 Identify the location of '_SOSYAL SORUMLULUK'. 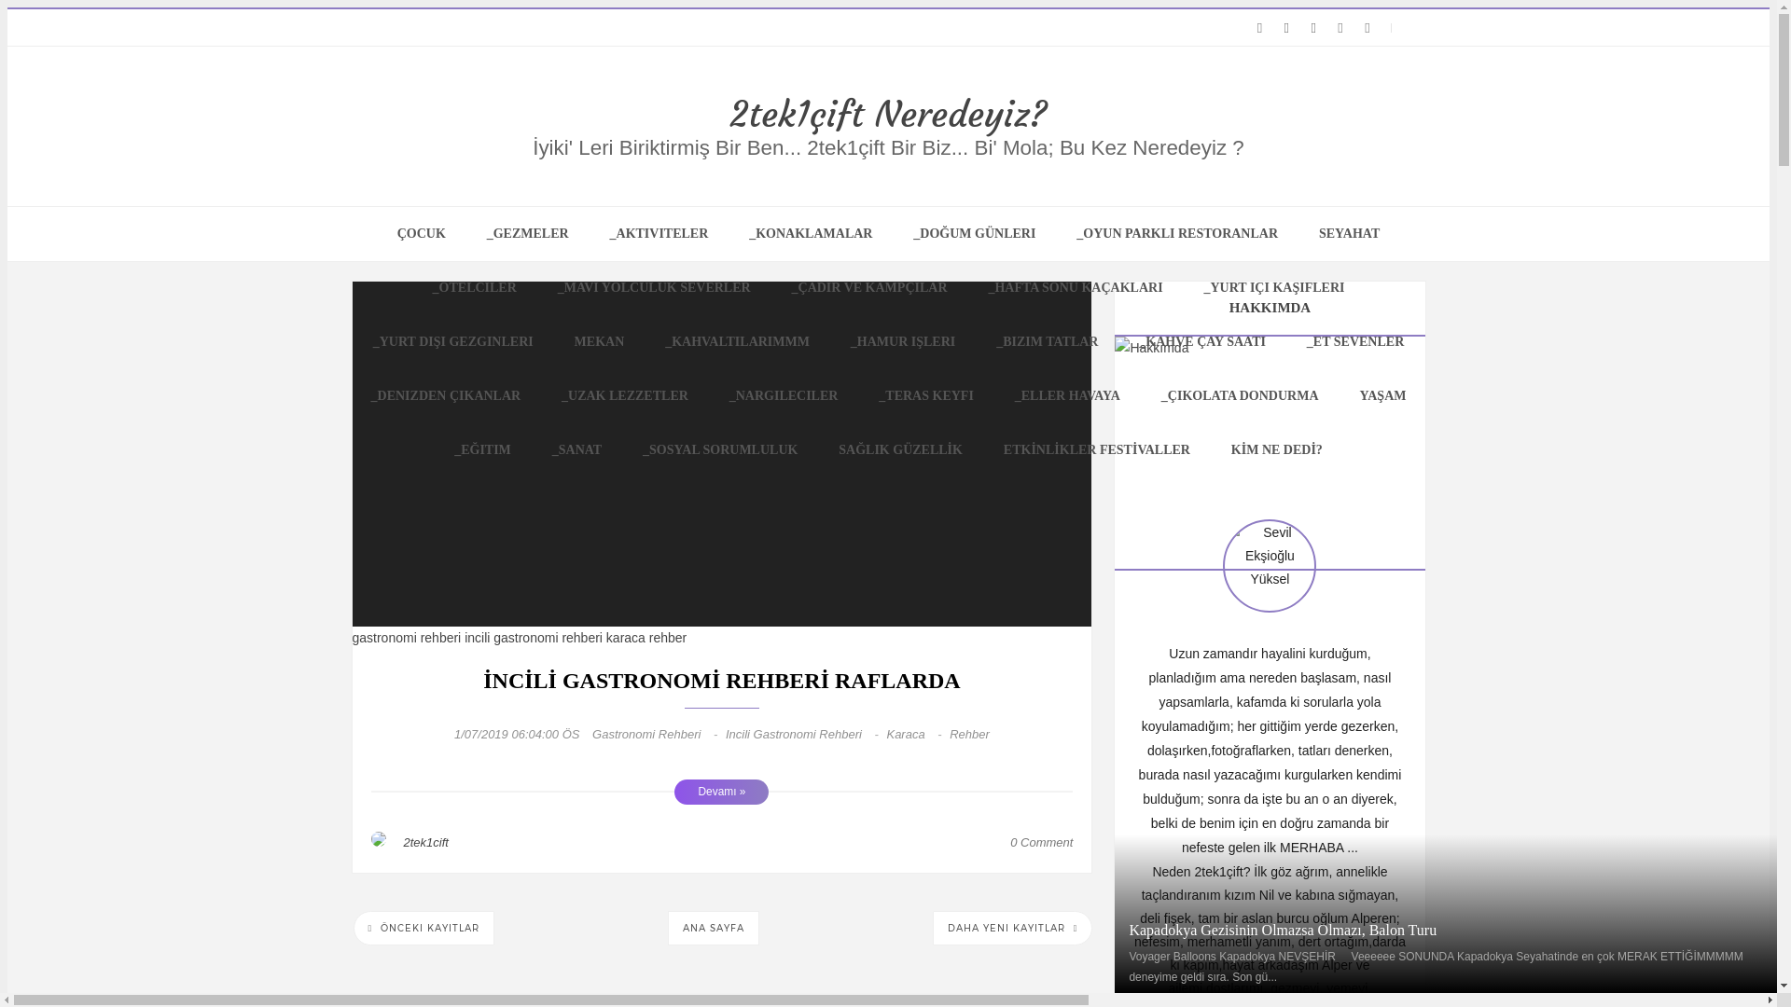
(719, 449).